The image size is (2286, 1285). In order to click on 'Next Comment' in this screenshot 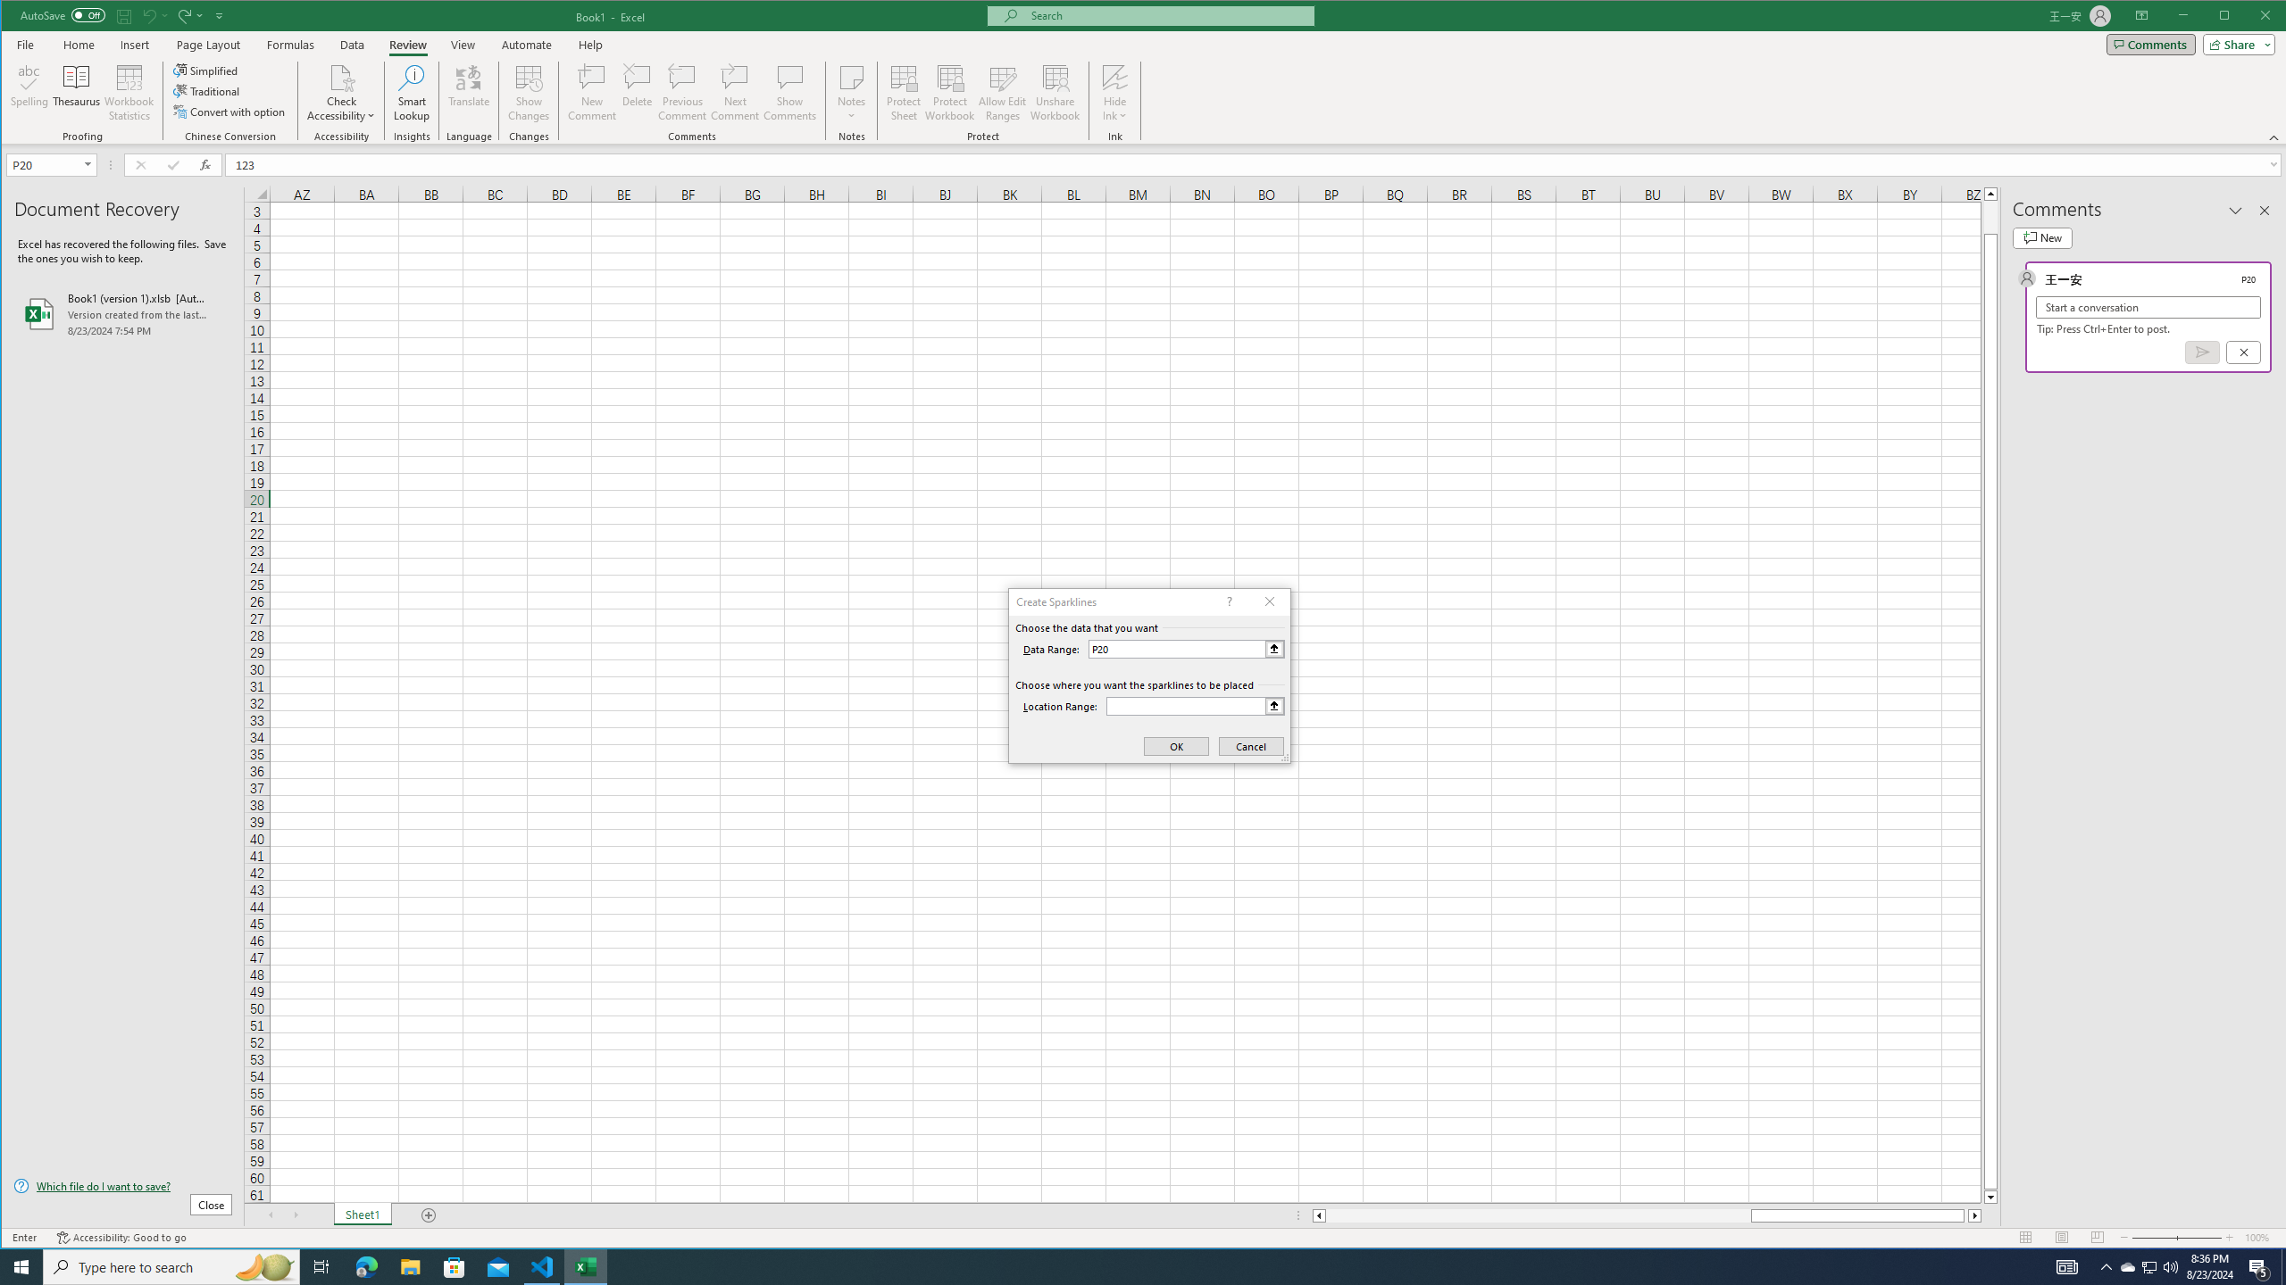, I will do `click(735, 92)`.